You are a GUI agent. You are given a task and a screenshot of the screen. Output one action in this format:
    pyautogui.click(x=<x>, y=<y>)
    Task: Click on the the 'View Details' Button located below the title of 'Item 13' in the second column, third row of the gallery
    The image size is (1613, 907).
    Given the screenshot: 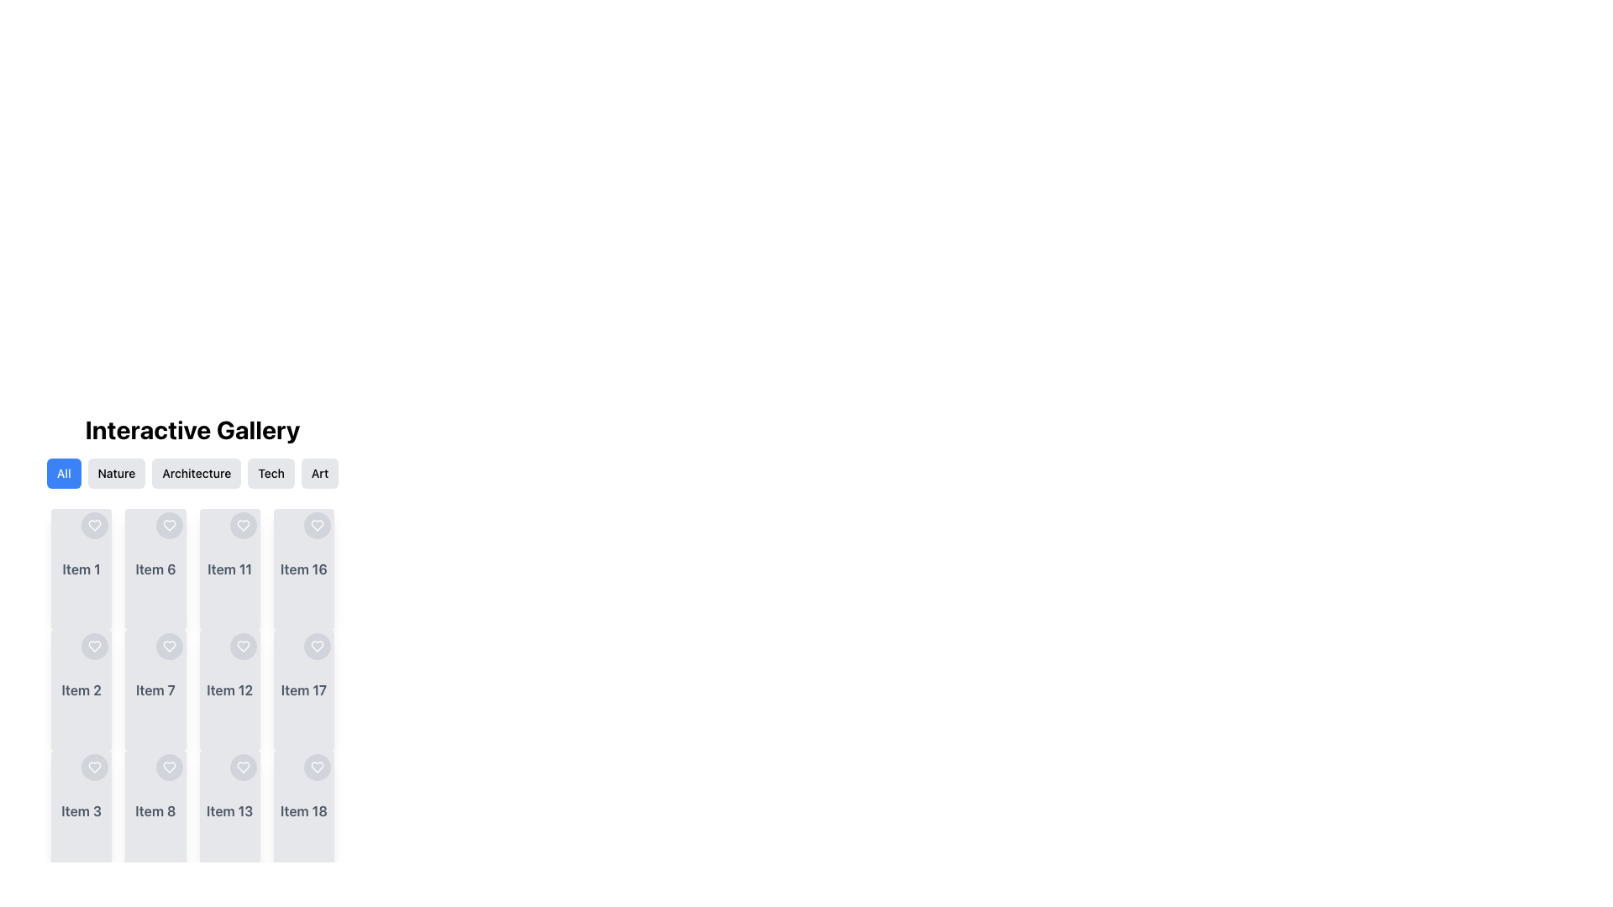 What is the action you would take?
    pyautogui.click(x=229, y=810)
    